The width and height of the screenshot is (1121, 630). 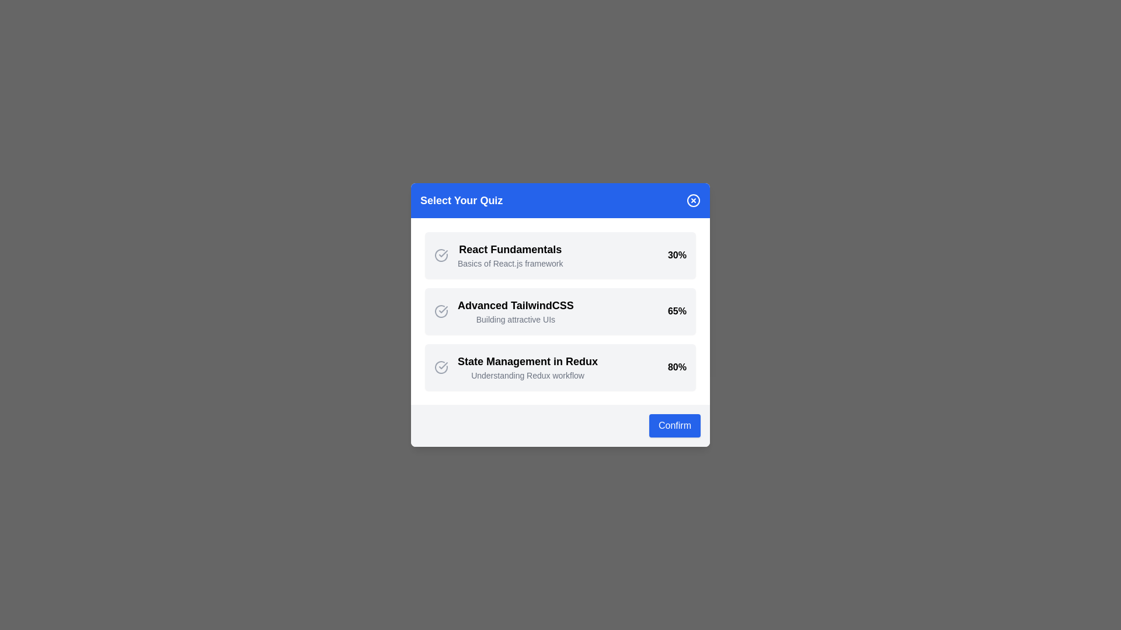 I want to click on the quiz item corresponding to State Management in Redux, so click(x=560, y=366).